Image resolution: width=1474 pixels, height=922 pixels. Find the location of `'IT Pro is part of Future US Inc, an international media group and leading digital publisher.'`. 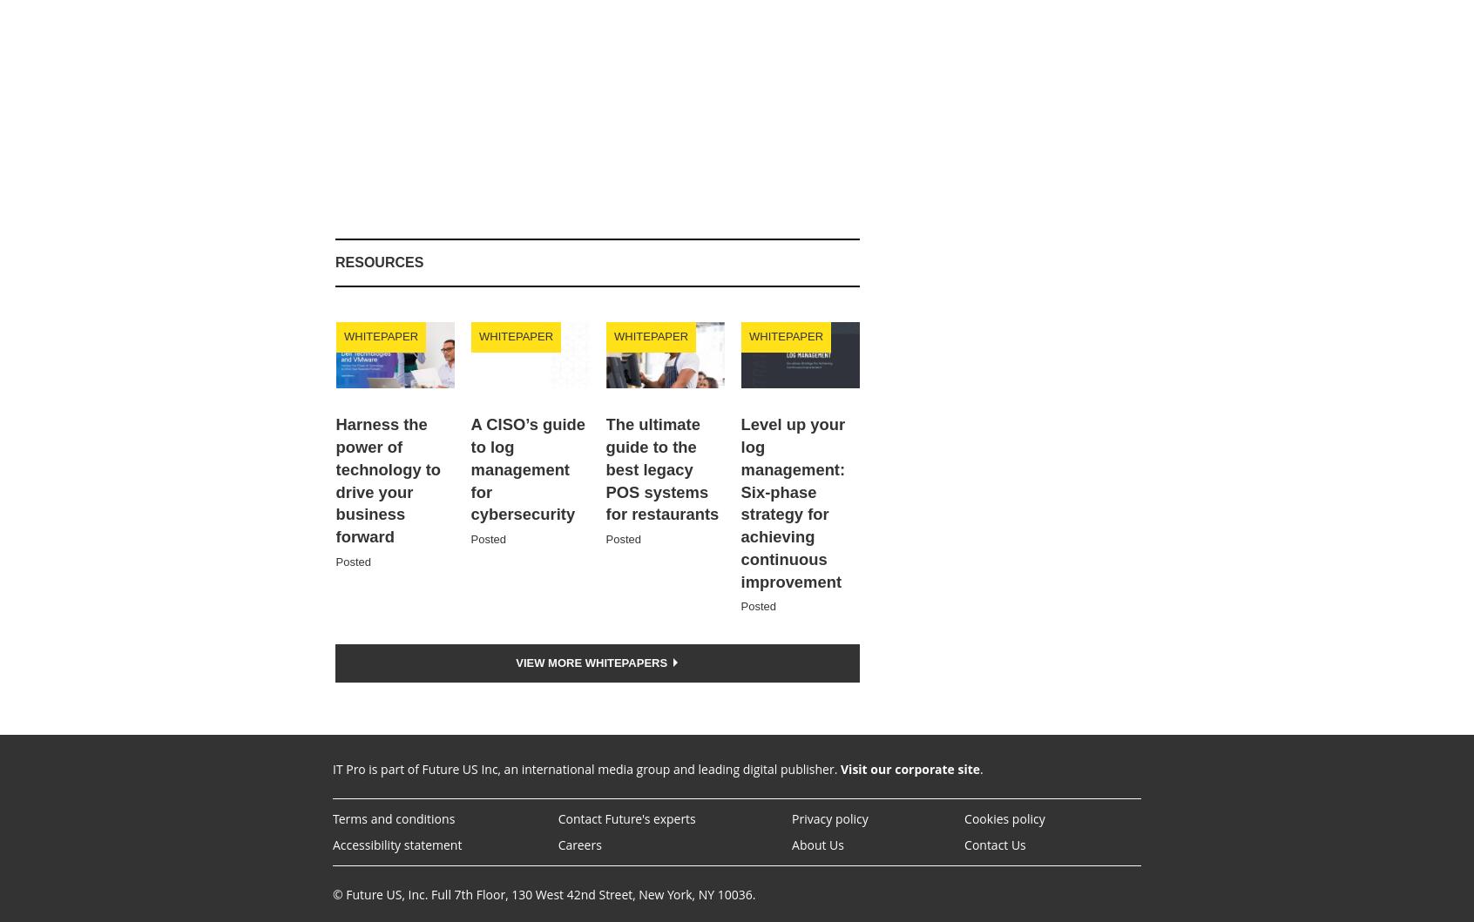

'IT Pro is part of Future US Inc, an international media group and leading digital publisher.' is located at coordinates (586, 769).